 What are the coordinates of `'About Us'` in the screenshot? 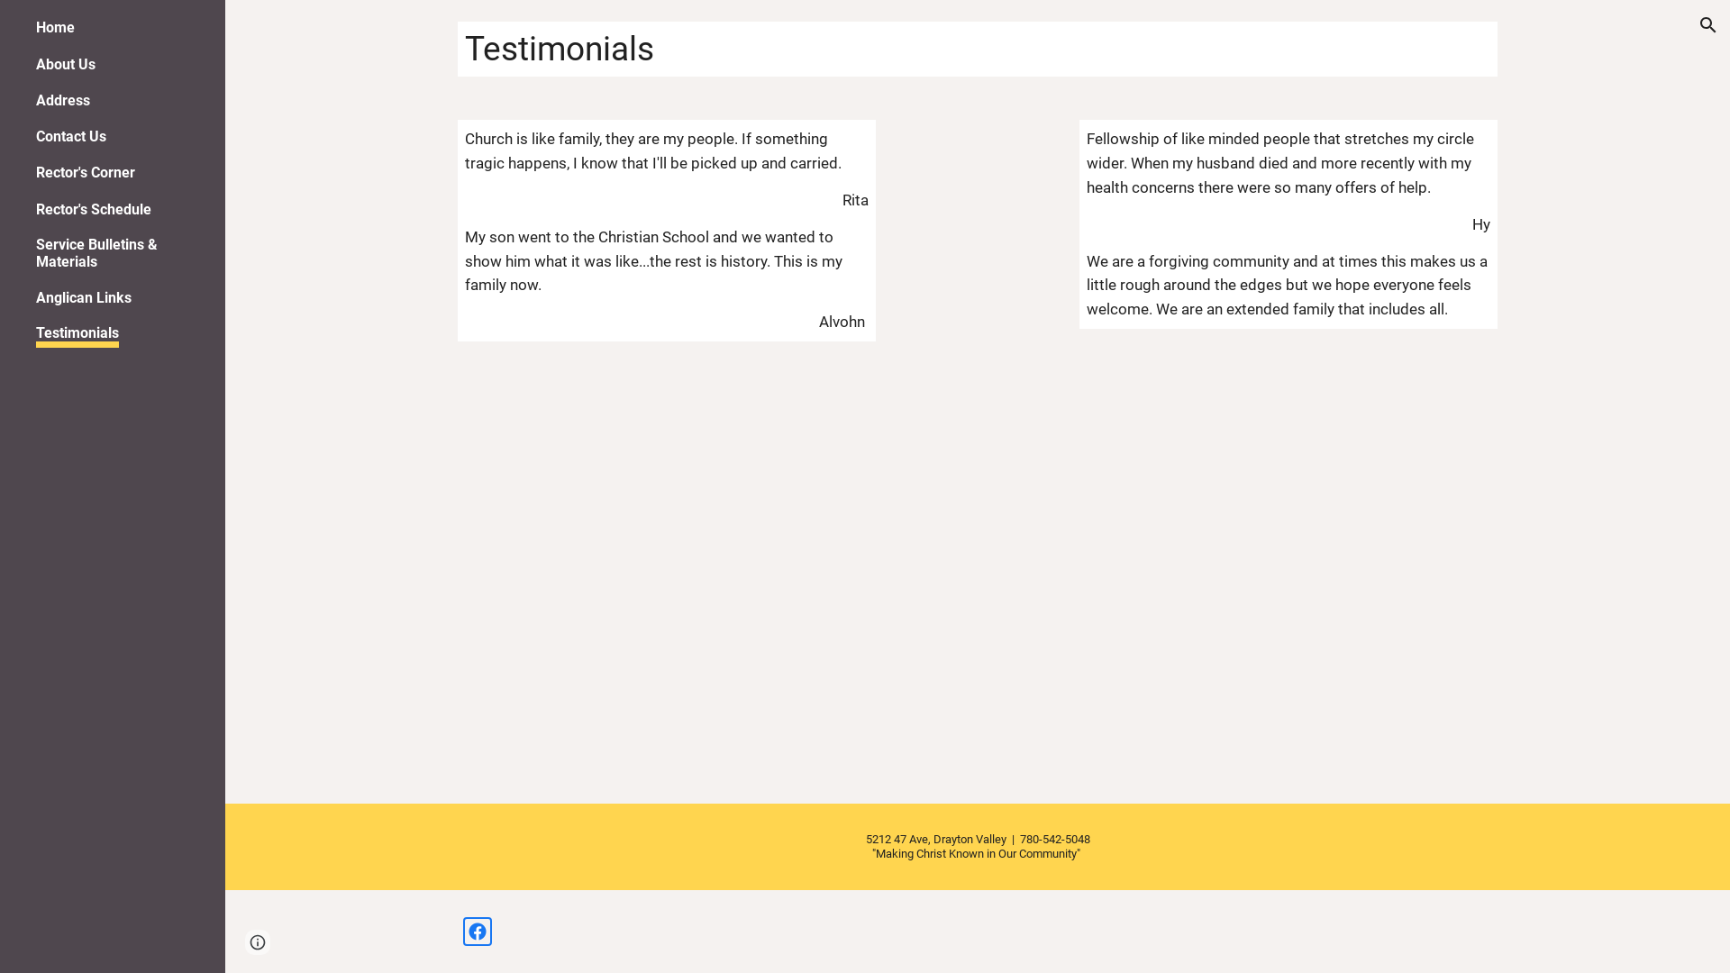 It's located at (65, 63).